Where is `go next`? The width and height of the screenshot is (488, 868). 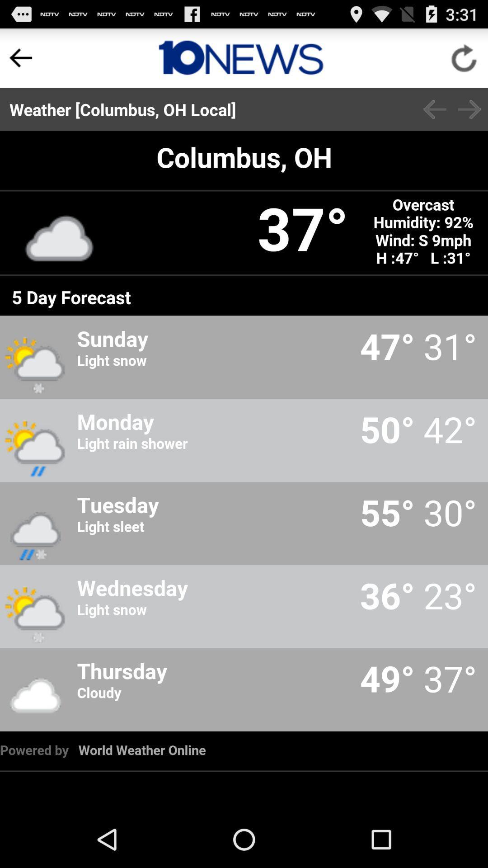
go next is located at coordinates (469, 109).